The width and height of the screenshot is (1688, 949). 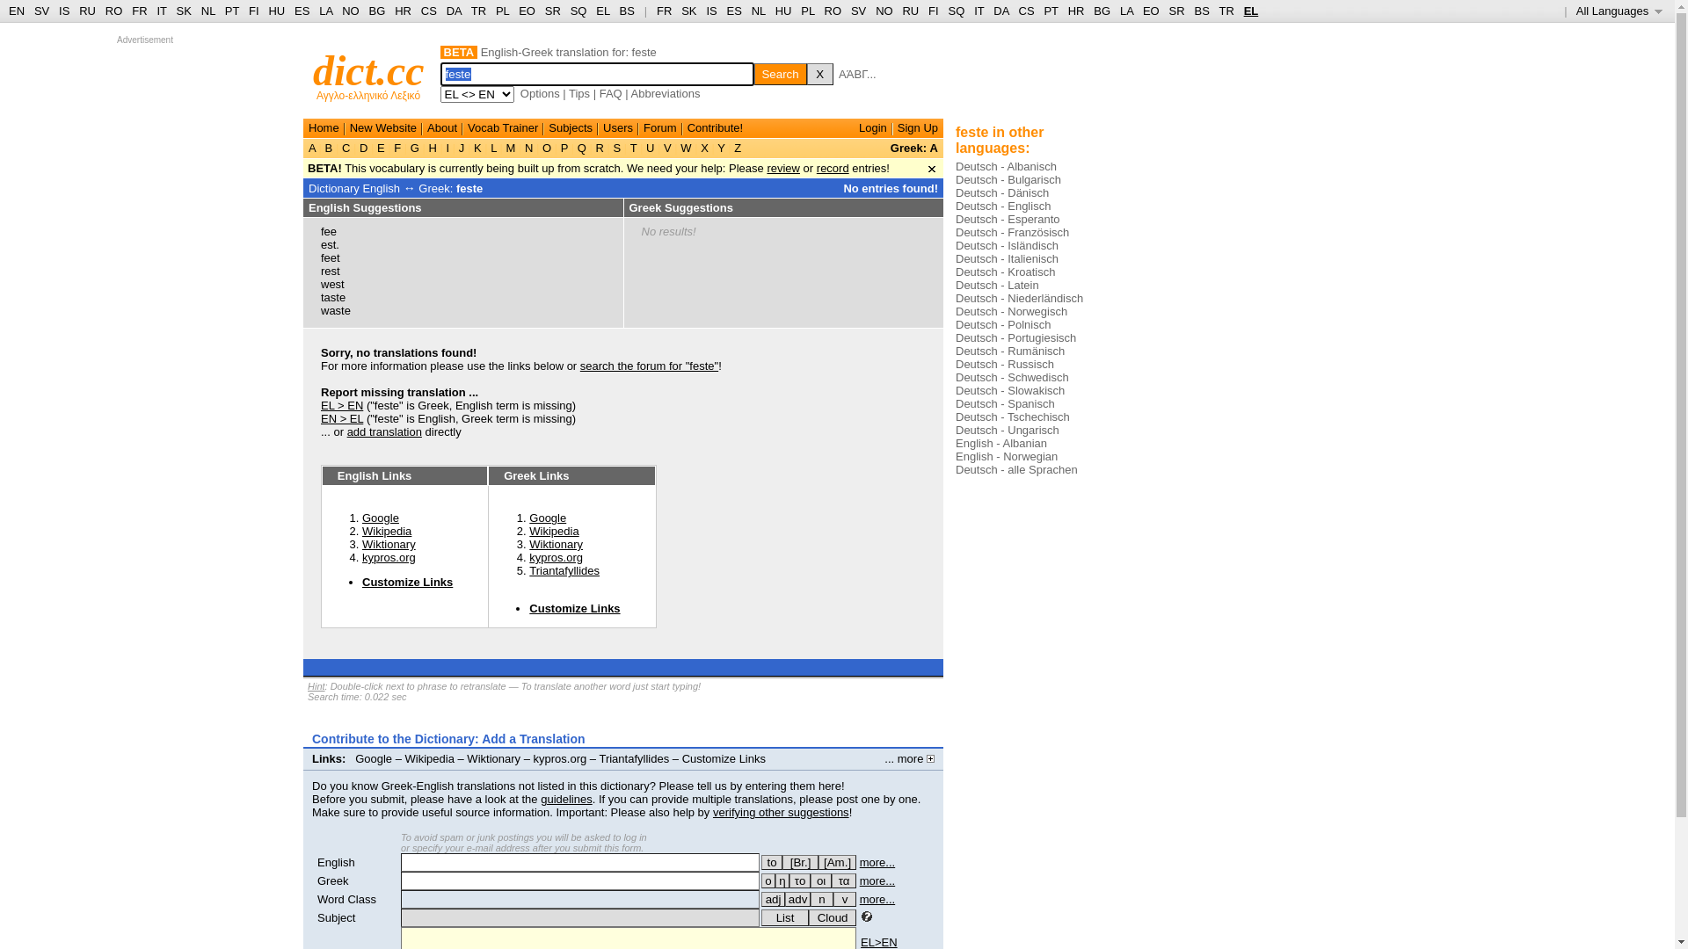 I want to click on 'Deutsch - Slowakisch', so click(x=1009, y=389).